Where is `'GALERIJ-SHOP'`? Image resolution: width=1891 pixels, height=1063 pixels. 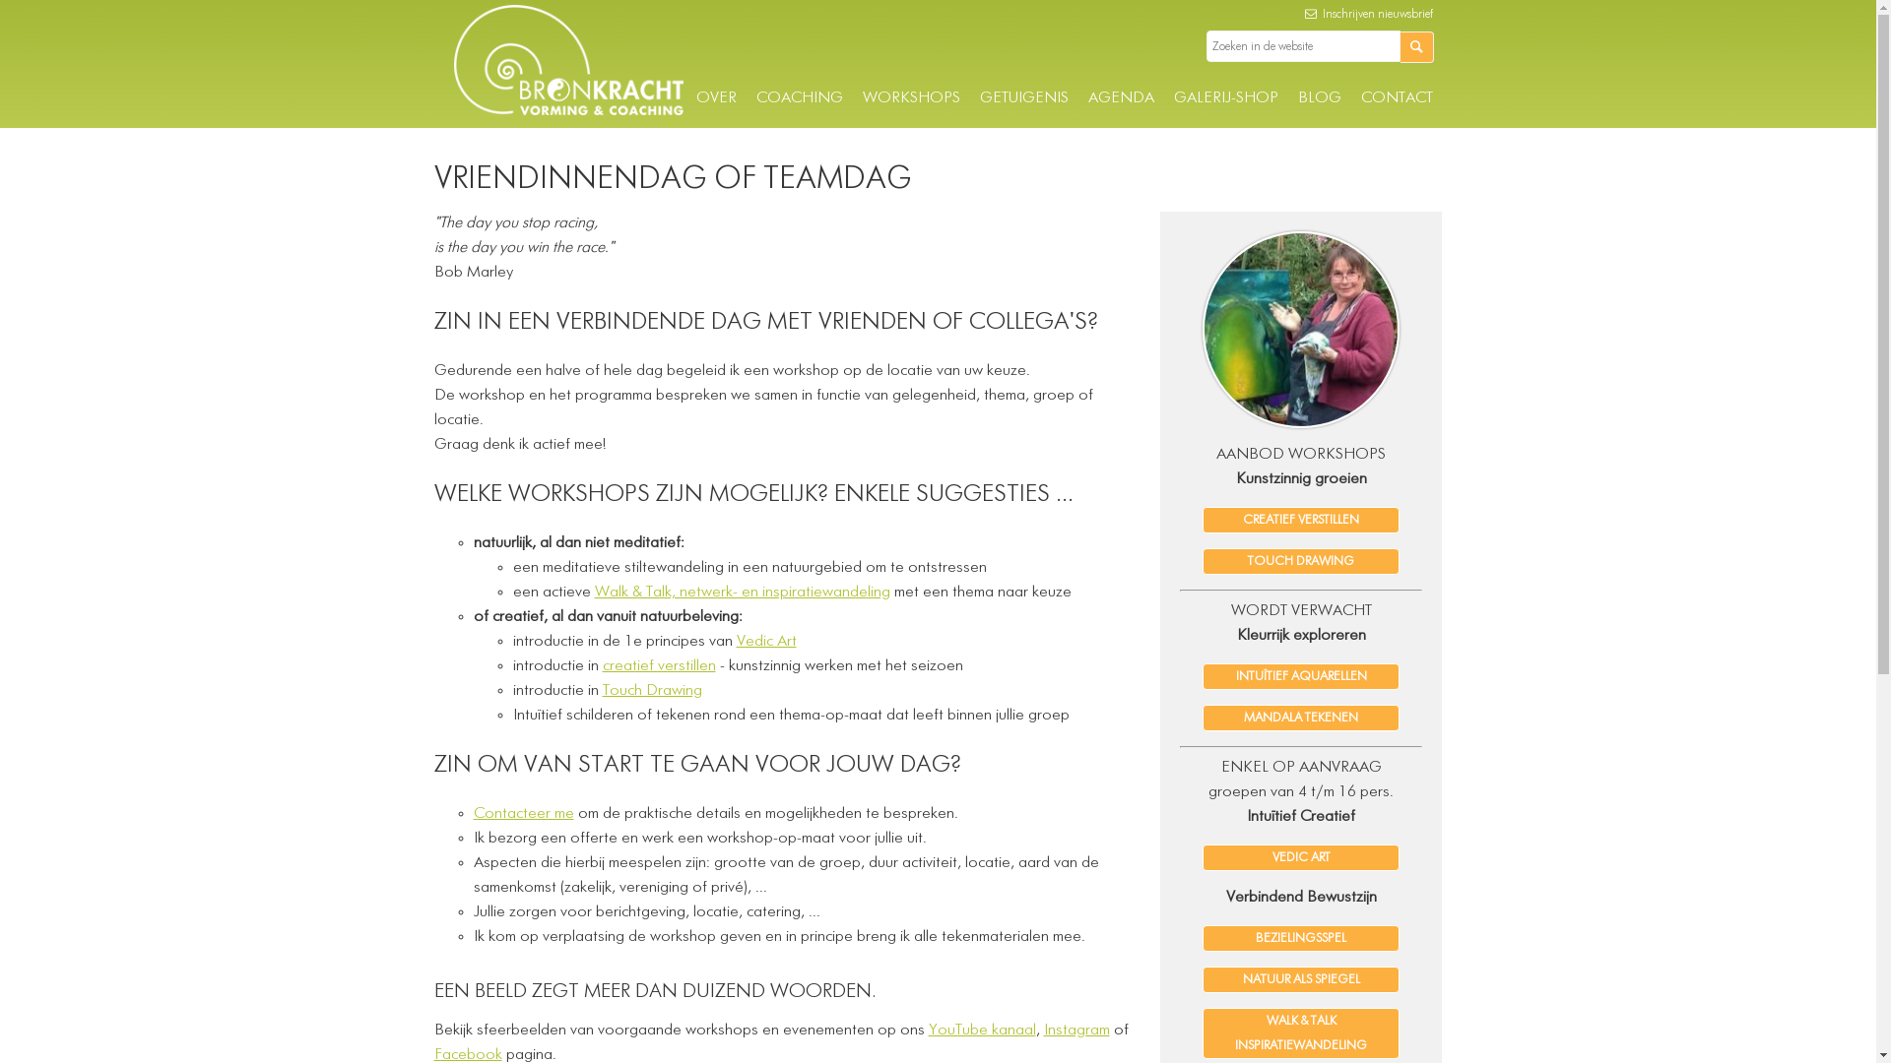 'GALERIJ-SHOP' is located at coordinates (1224, 98).